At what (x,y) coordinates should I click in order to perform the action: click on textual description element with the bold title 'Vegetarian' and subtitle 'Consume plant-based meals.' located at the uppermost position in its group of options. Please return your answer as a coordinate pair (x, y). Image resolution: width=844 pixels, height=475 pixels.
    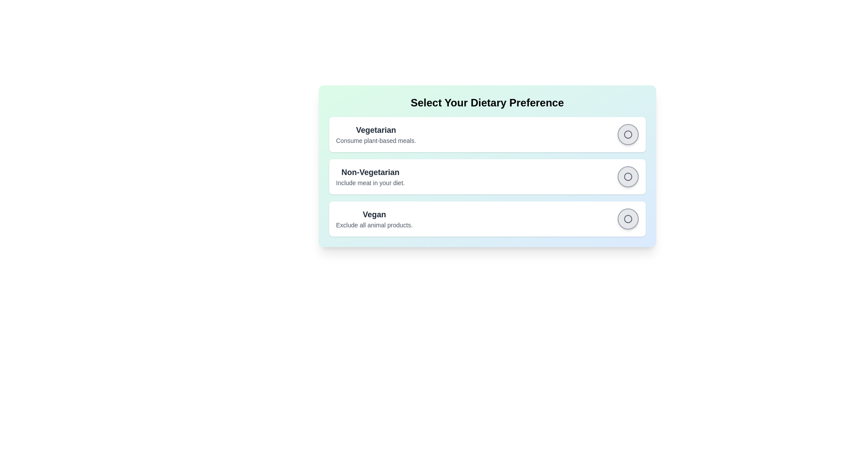
    Looking at the image, I should click on (376, 134).